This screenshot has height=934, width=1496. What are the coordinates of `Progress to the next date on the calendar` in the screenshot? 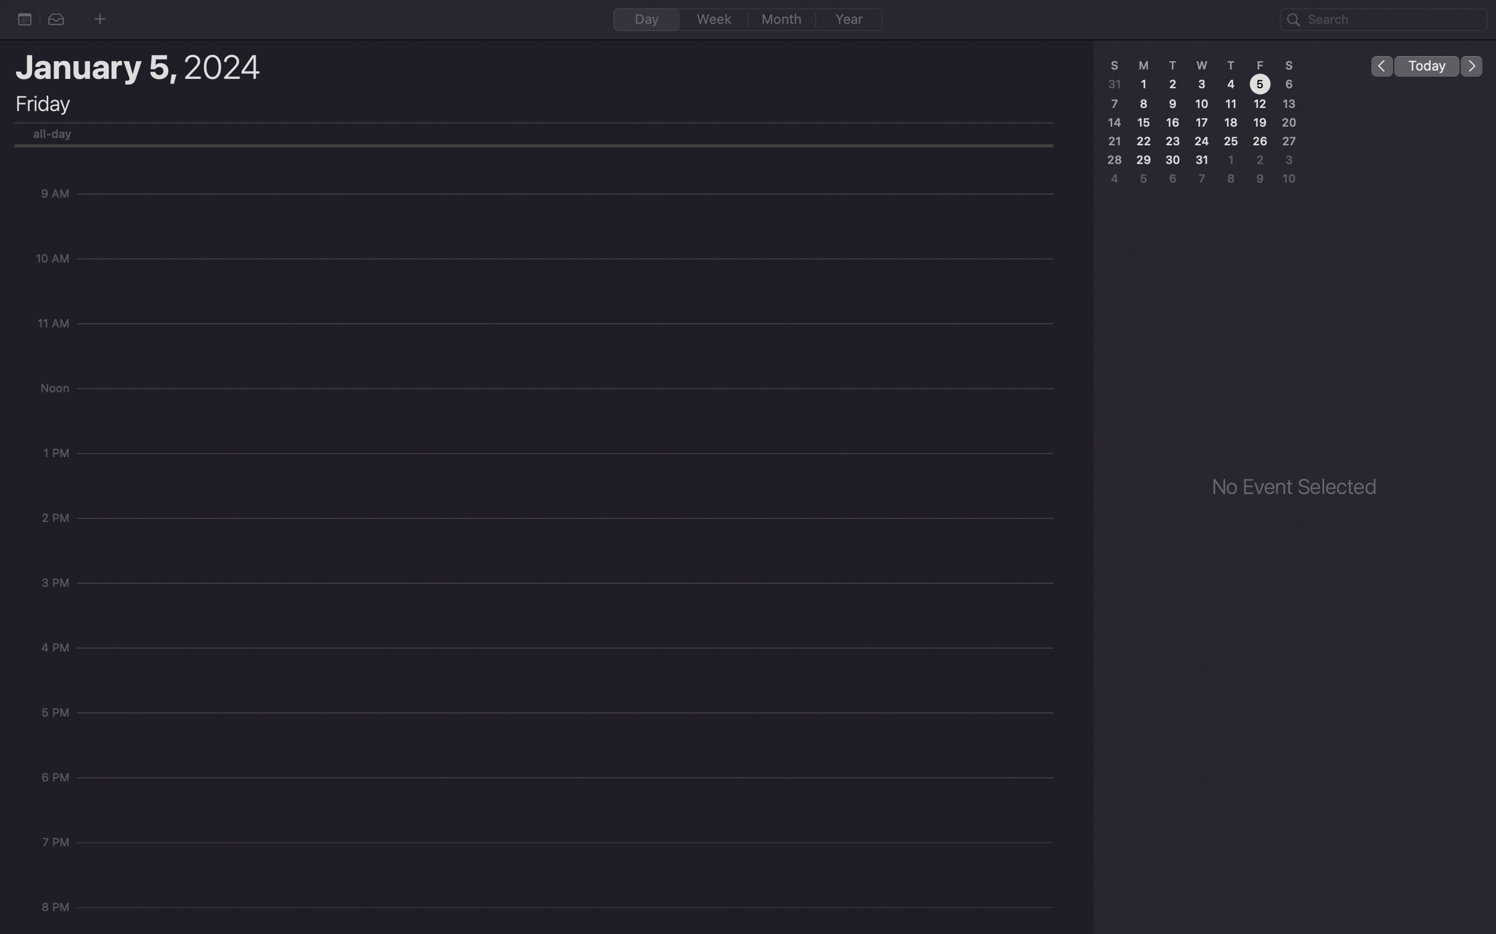 It's located at (1472, 65).